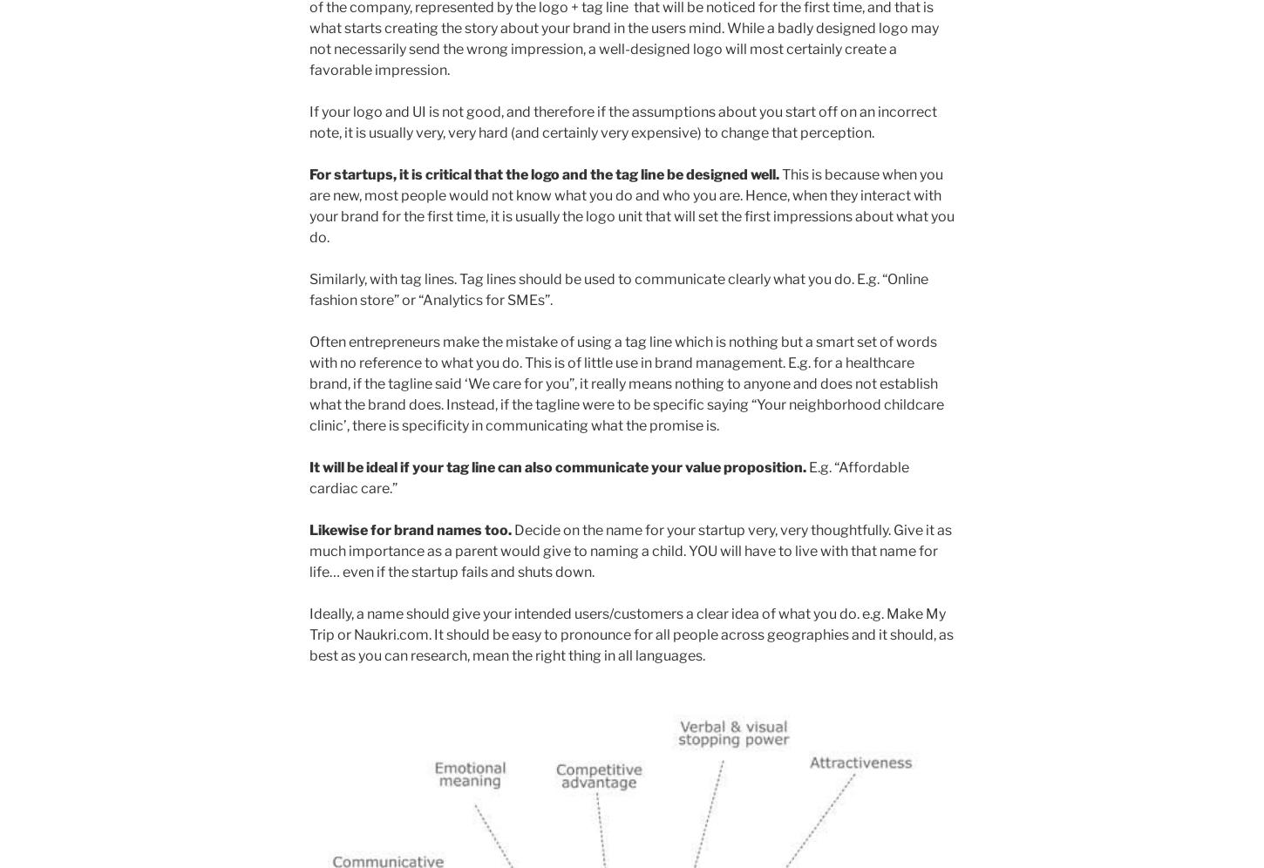  What do you see at coordinates (629, 549) in the screenshot?
I see `'Decide on the name for your startup very, very thoughtfully. Give it as much importance as a parent would give to naming a child. YOU will have to live with that name for life… even if the startup fails and shuts down.'` at bounding box center [629, 549].